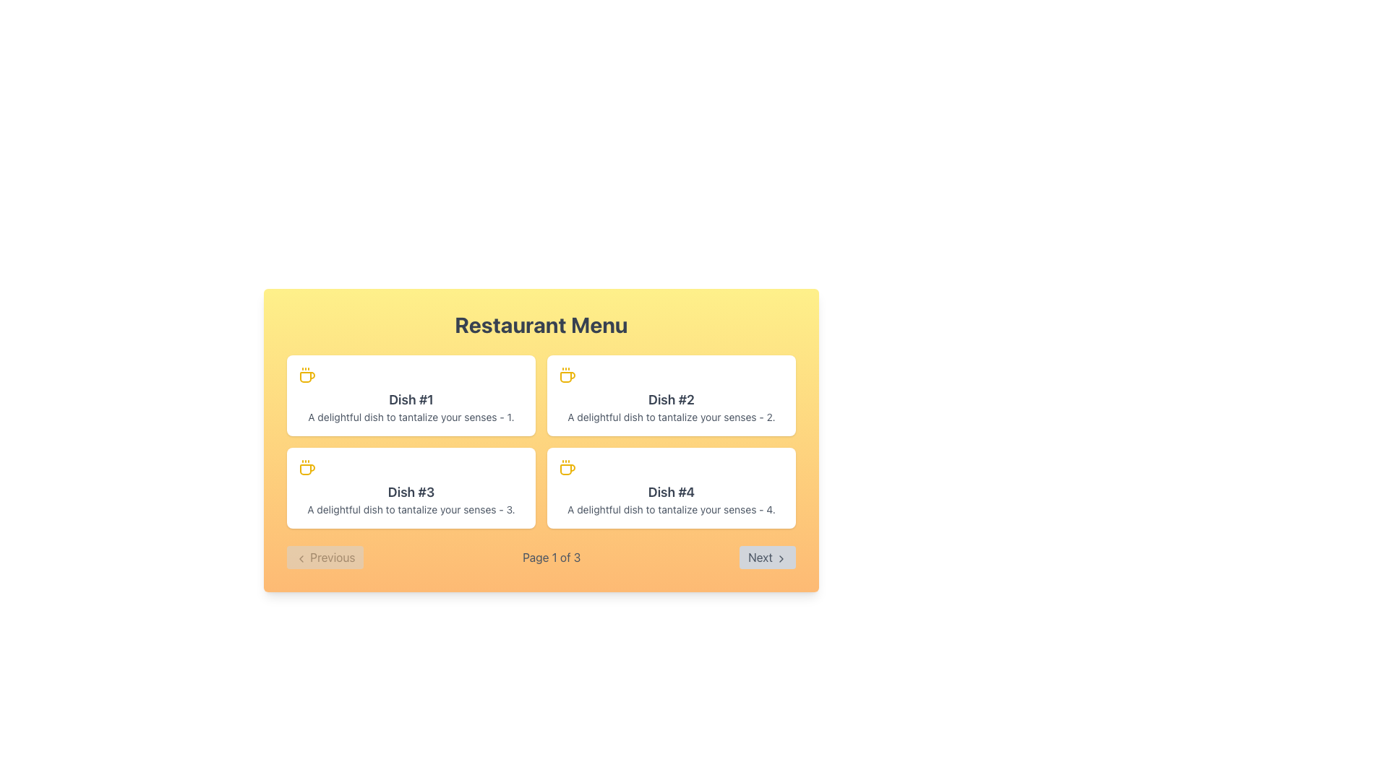  Describe the element at coordinates (411, 417) in the screenshot. I see `the text label displaying 'A delightful dish to tantalize your senses - 1' which is positioned directly under the title 'Dish #1' in the card layout` at that location.